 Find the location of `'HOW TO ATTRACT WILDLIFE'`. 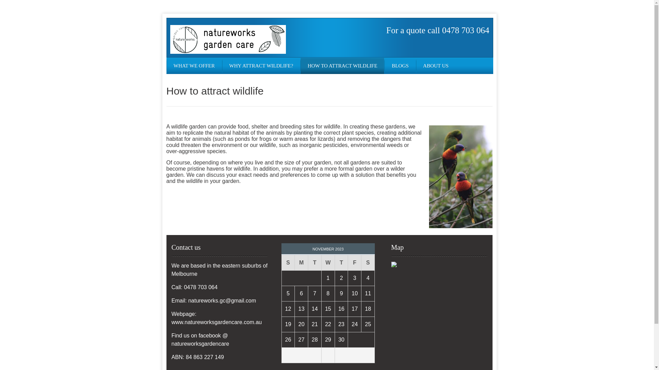

'HOW TO ATTRACT WILDLIFE' is located at coordinates (342, 66).